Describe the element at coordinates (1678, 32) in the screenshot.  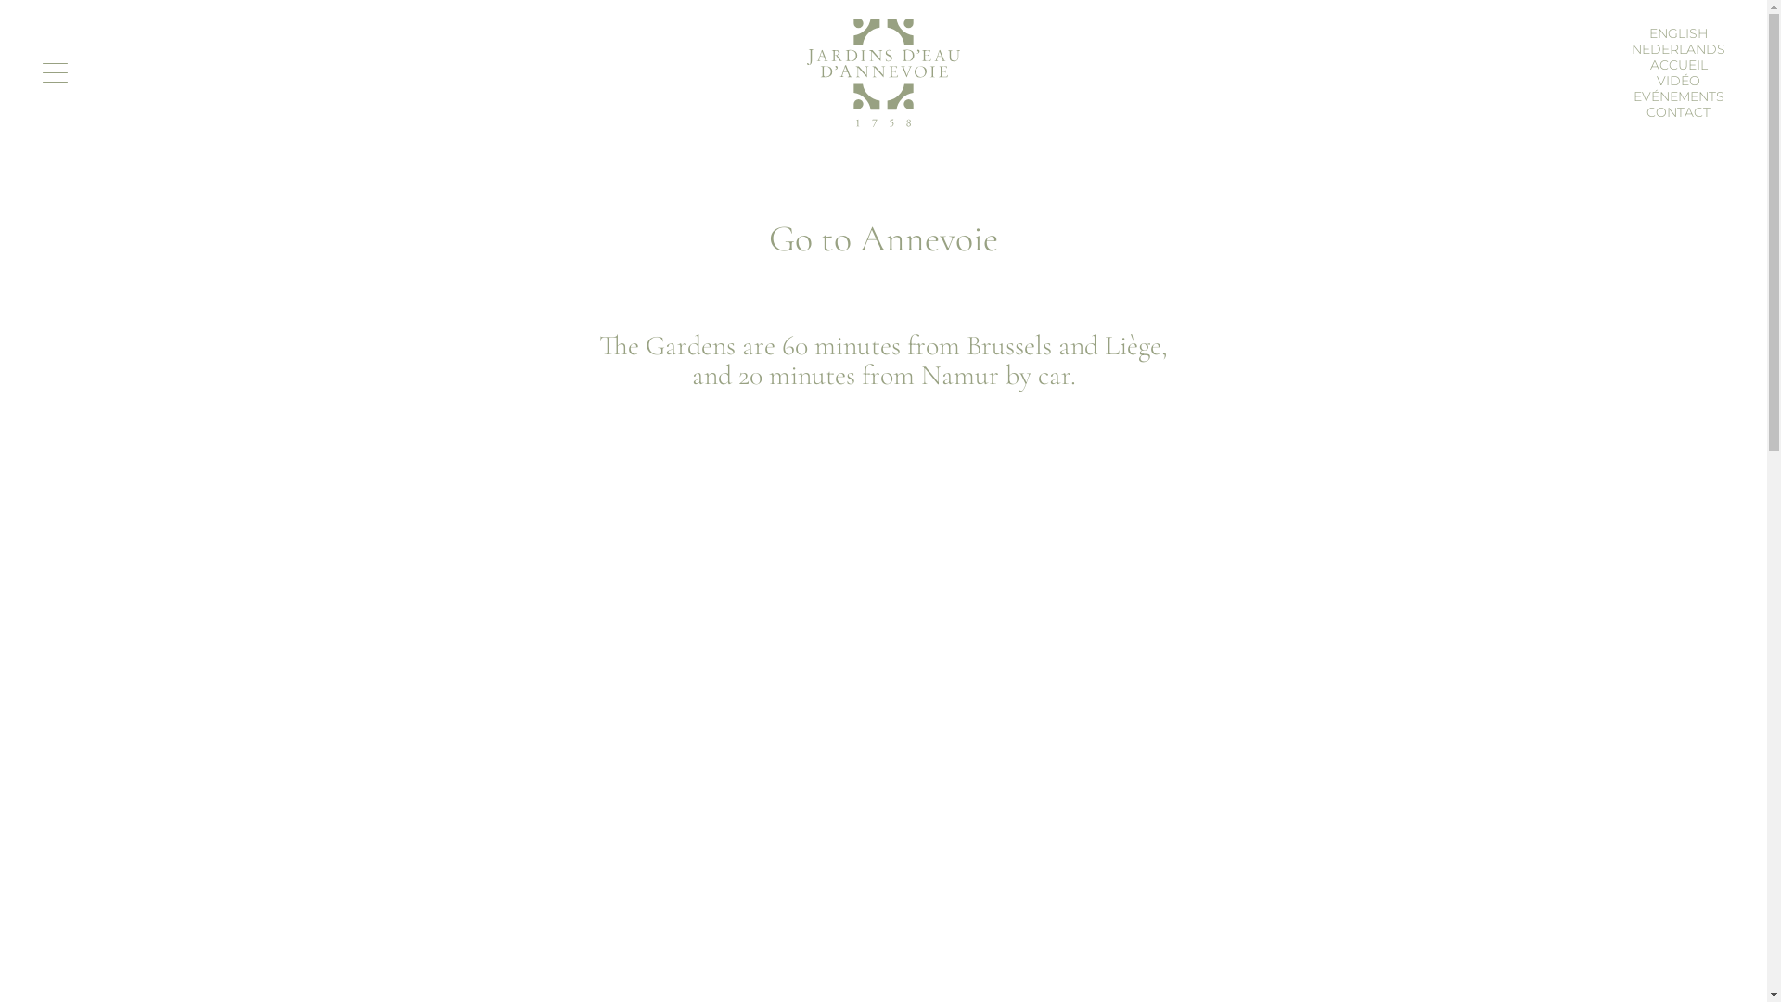
I see `'ENGLISH'` at that location.